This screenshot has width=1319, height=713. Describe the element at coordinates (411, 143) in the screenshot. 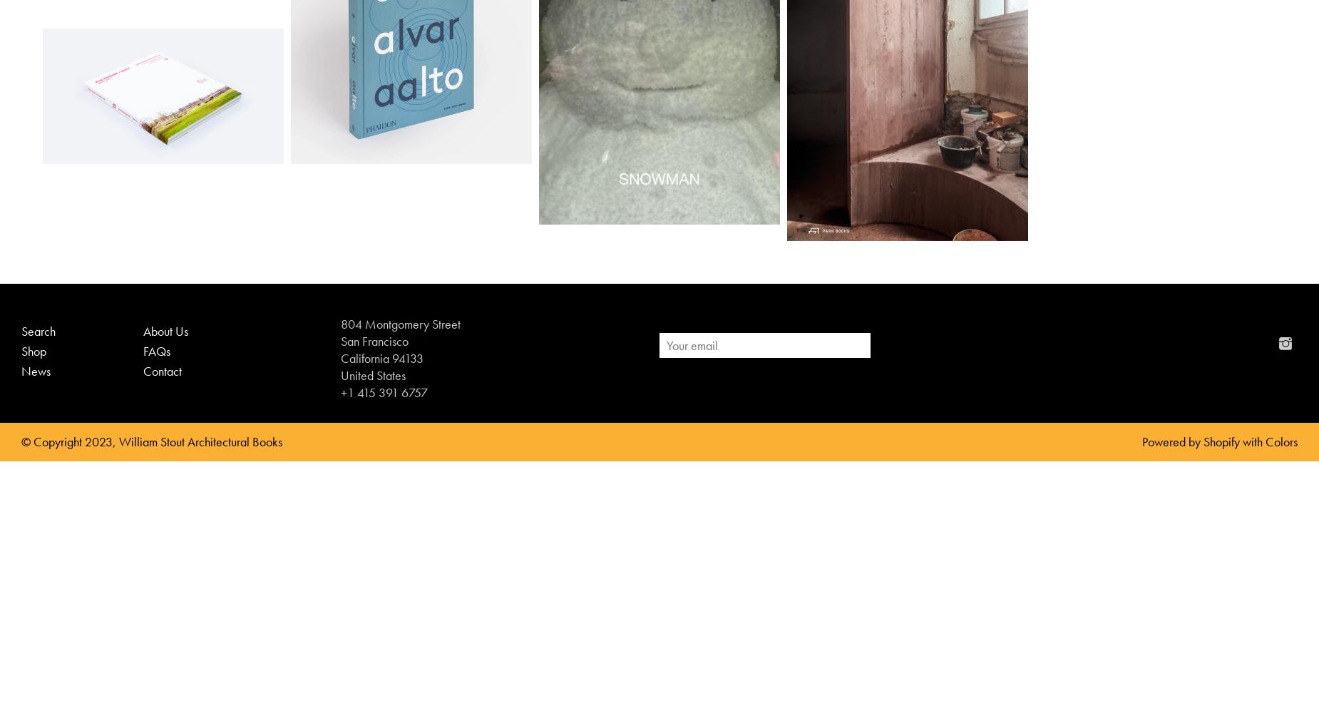

I see `'$150.00'` at that location.